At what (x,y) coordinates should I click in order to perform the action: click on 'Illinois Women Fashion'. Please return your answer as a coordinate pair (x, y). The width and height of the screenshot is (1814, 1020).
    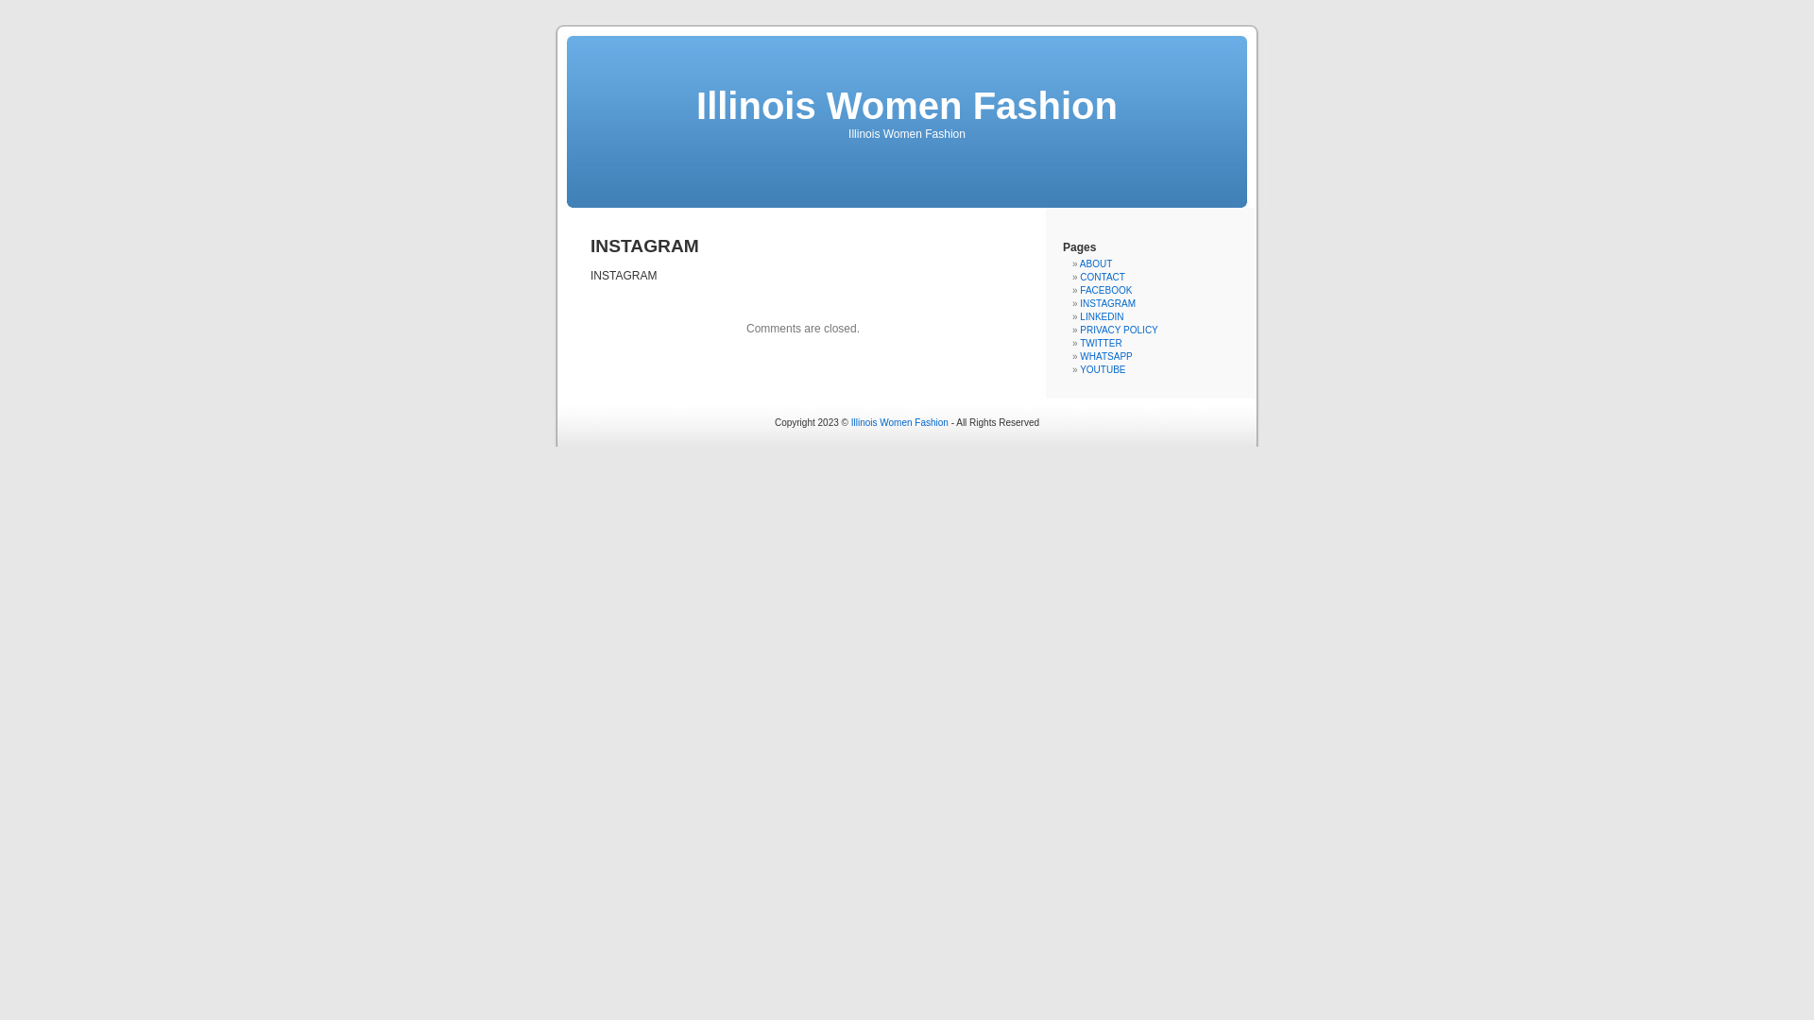
    Looking at the image, I should click on (907, 105).